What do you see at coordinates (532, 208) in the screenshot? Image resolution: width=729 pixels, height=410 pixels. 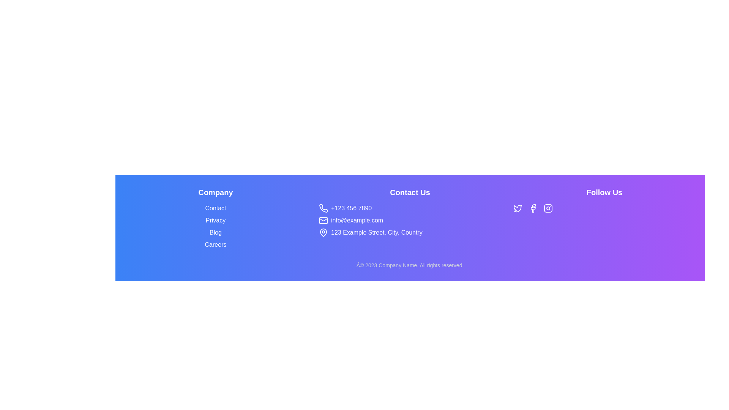 I see `the Facebook icon located in the 'Follow Us' section of the footer, positioned between the Twitter and Instagram icons, to visit the linked page` at bounding box center [532, 208].